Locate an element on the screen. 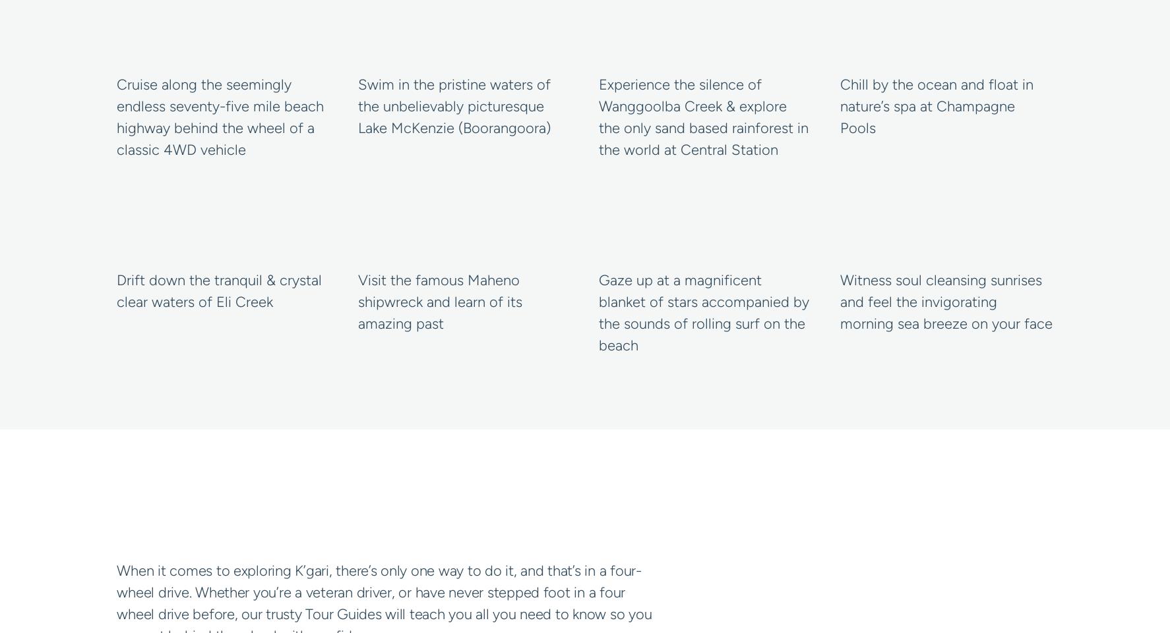 Image resolution: width=1170 pixels, height=633 pixels. 'Visit the famous Maheno shipwreck and learn of its amazing past' is located at coordinates (439, 301).